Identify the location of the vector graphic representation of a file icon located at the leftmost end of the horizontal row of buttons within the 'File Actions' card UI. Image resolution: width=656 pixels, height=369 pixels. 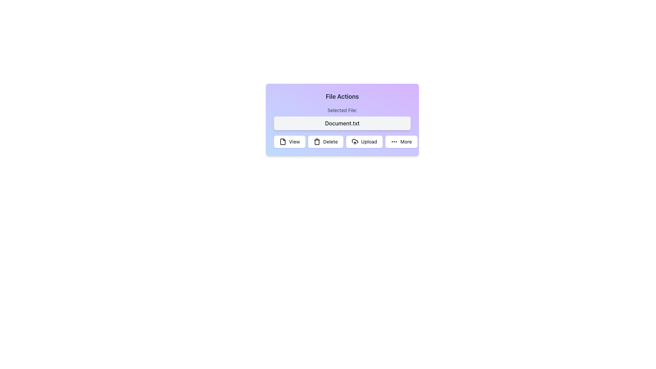
(283, 141).